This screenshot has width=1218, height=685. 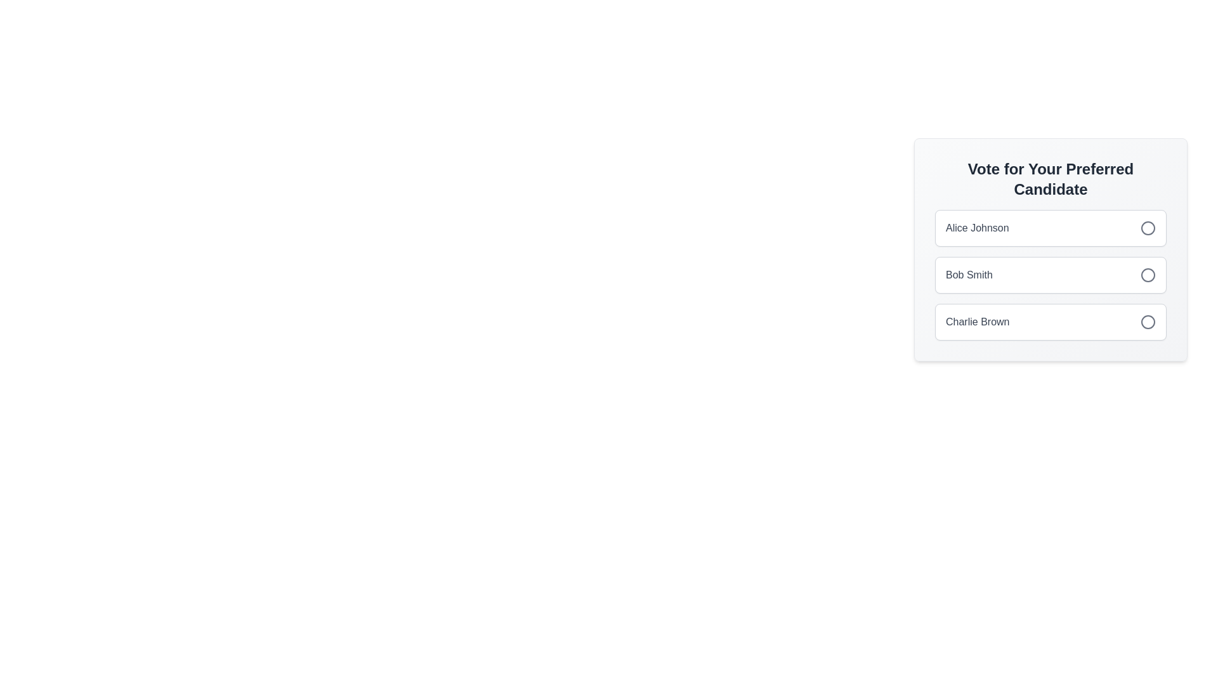 I want to click on the radio button representing the 'Charlie Brown' option, located to the far right in the vertical list of options, so click(x=1148, y=322).